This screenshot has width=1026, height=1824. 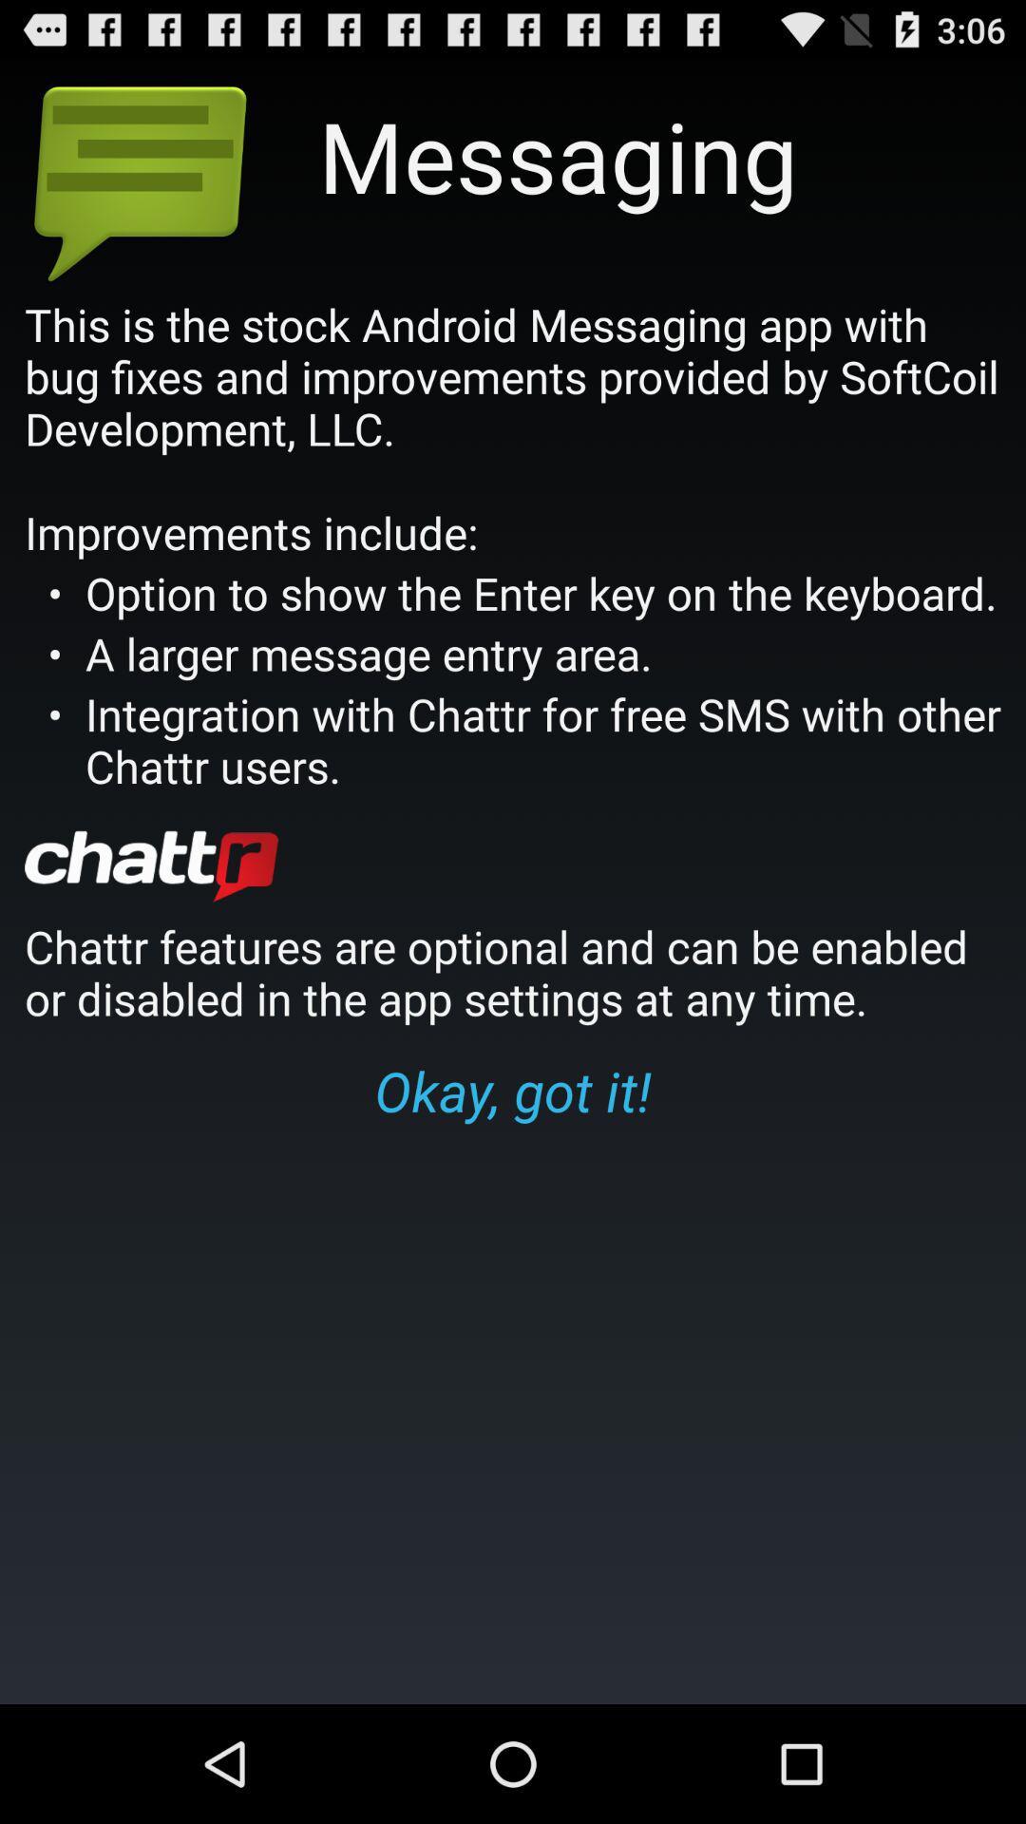 What do you see at coordinates (513, 1090) in the screenshot?
I see `the item below chattr features are icon` at bounding box center [513, 1090].